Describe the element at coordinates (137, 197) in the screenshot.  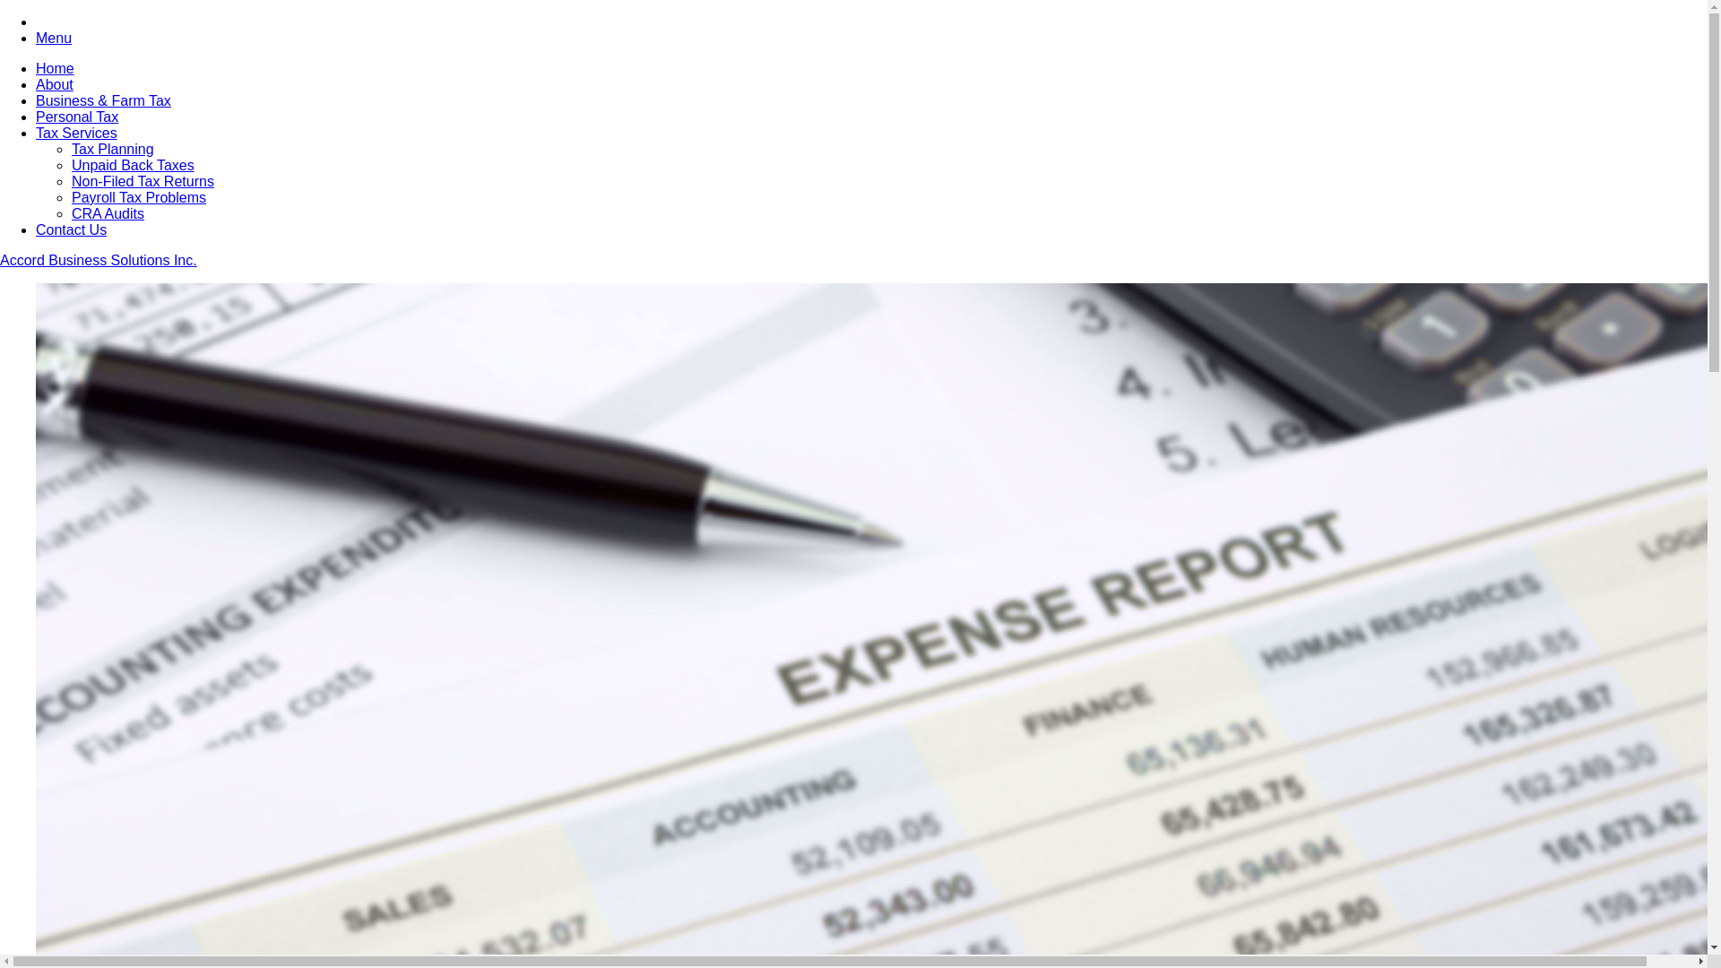
I see `'Payroll Tax Problems'` at that location.